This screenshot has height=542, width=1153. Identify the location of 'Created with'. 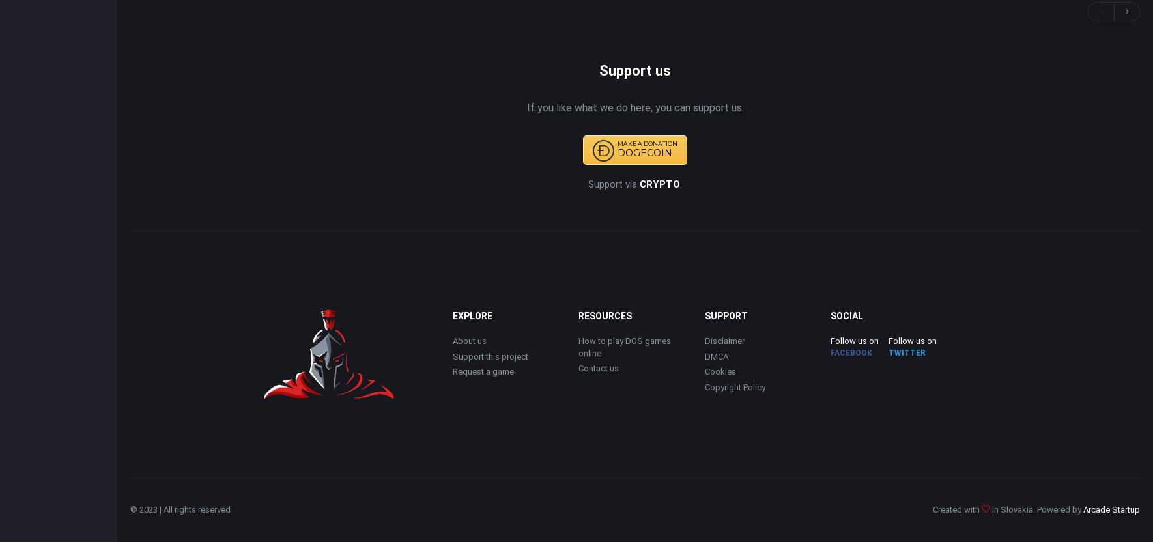
(932, 509).